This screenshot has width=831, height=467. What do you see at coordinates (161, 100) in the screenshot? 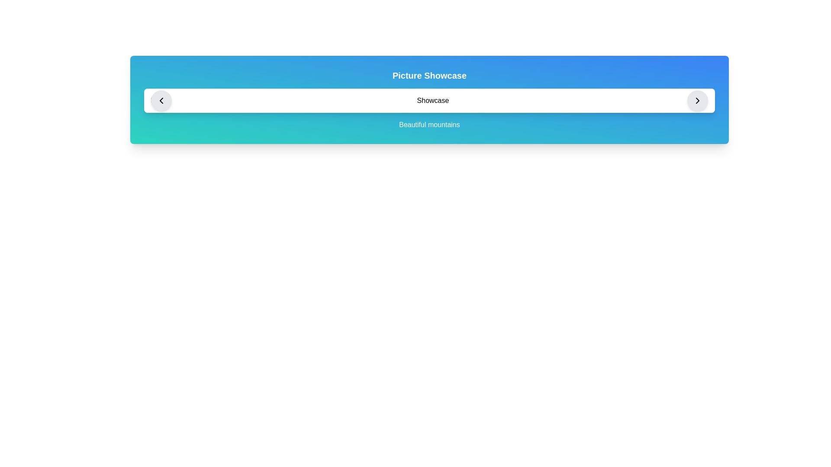
I see `the navigation button icon located in the top-centered navigation bar` at bounding box center [161, 100].